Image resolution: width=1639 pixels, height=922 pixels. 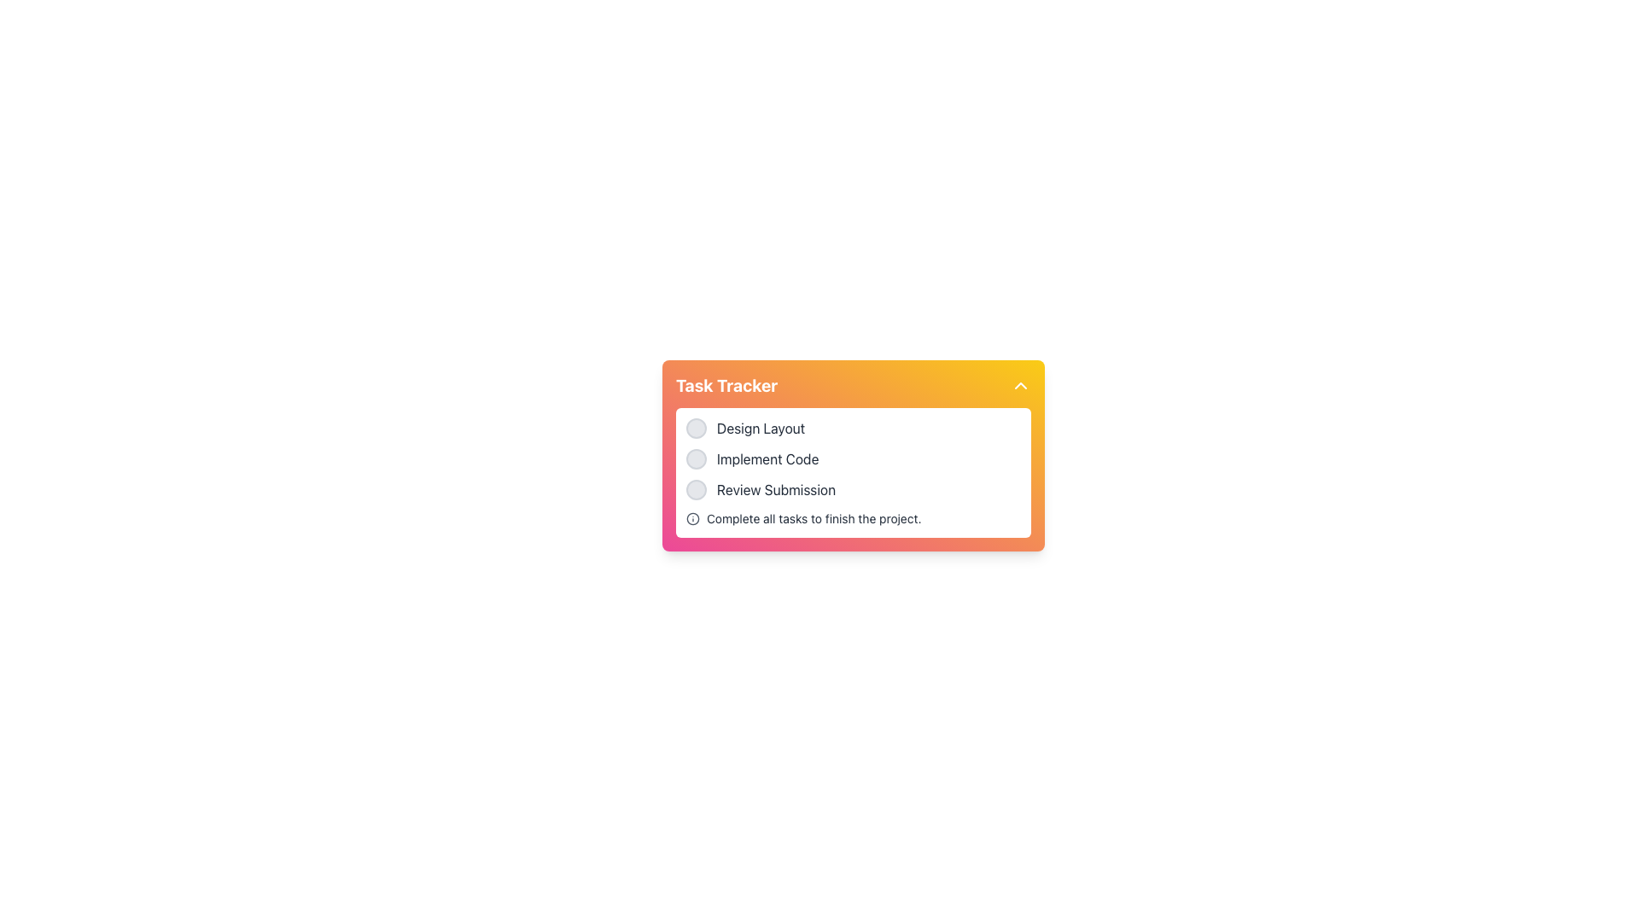 What do you see at coordinates (767, 458) in the screenshot?
I see `the static text label indicating the second task in the progress tracker, which is located between 'Design Layout' and 'Review Submission' in the 'Task Tracker' section` at bounding box center [767, 458].